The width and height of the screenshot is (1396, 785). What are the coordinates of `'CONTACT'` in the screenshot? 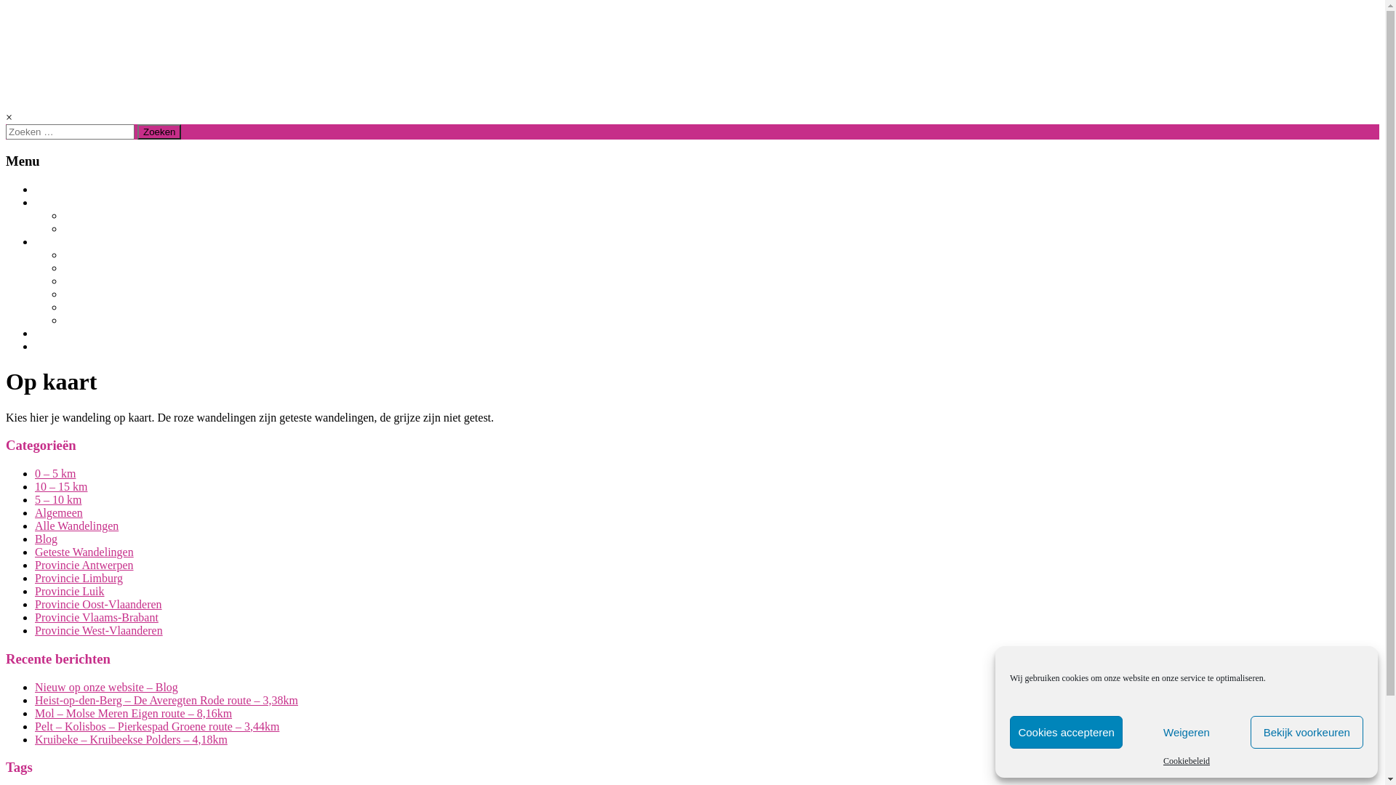 It's located at (35, 347).